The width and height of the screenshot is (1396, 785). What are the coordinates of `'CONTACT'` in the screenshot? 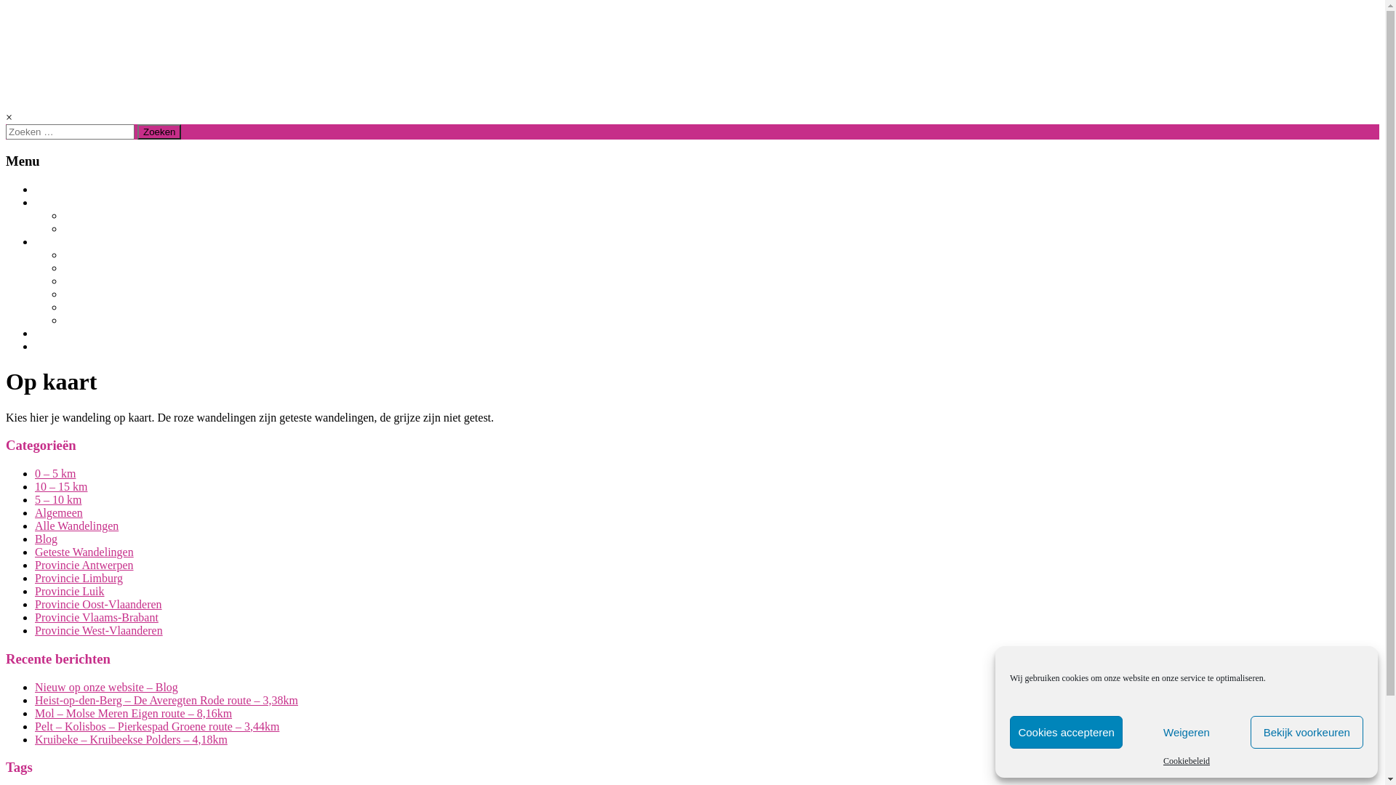 It's located at (35, 347).